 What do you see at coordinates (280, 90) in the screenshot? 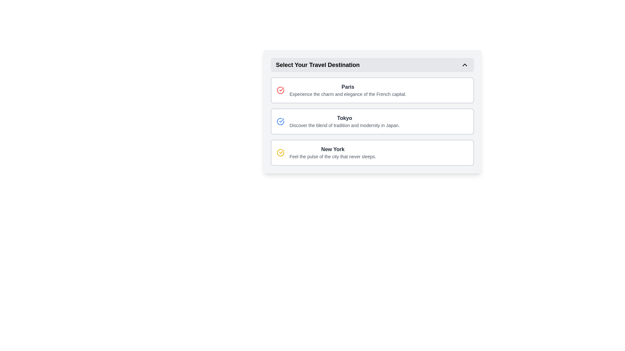
I see `the circular checkmark icon indicating the selection state of the 'Paris' option to signify selection intent` at bounding box center [280, 90].